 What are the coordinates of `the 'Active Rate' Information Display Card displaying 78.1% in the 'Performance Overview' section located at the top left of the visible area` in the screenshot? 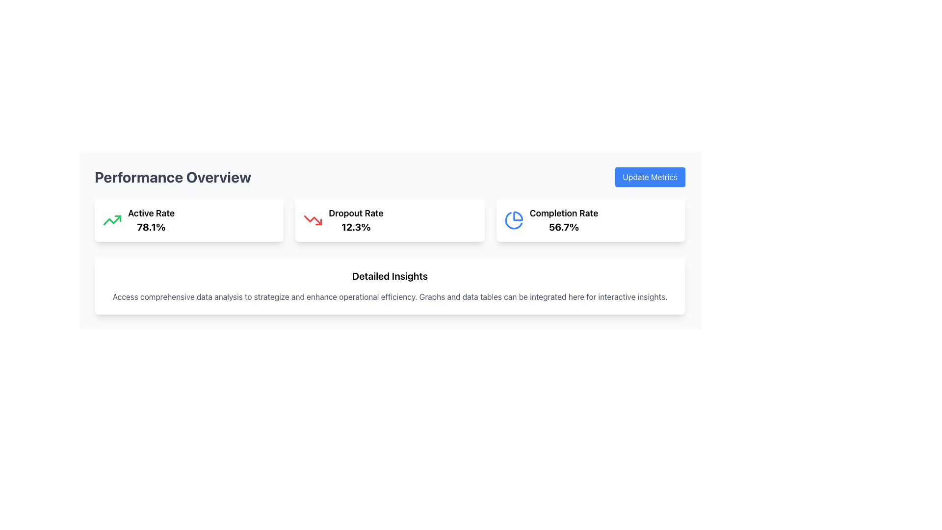 It's located at (138, 219).